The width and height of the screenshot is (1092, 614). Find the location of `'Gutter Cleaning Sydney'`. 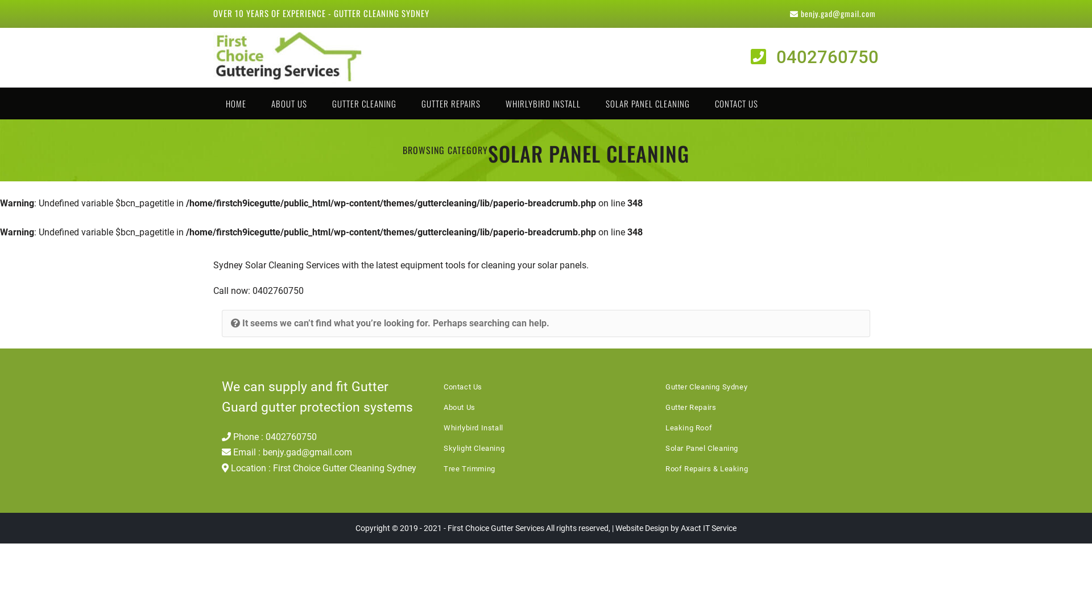

'Gutter Cleaning Sydney' is located at coordinates (706, 386).